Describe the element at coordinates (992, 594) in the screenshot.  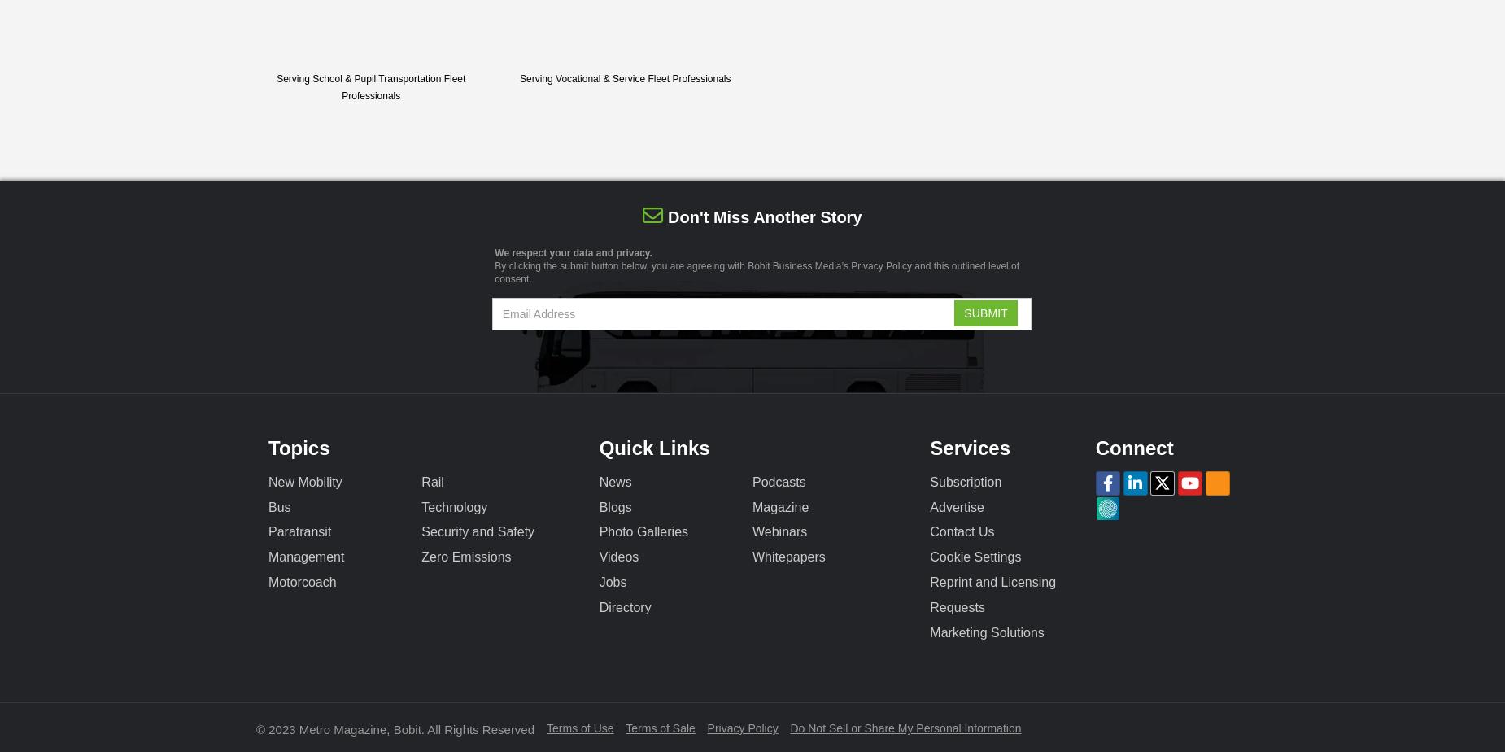
I see `'Reprint and Licensing Requests'` at that location.